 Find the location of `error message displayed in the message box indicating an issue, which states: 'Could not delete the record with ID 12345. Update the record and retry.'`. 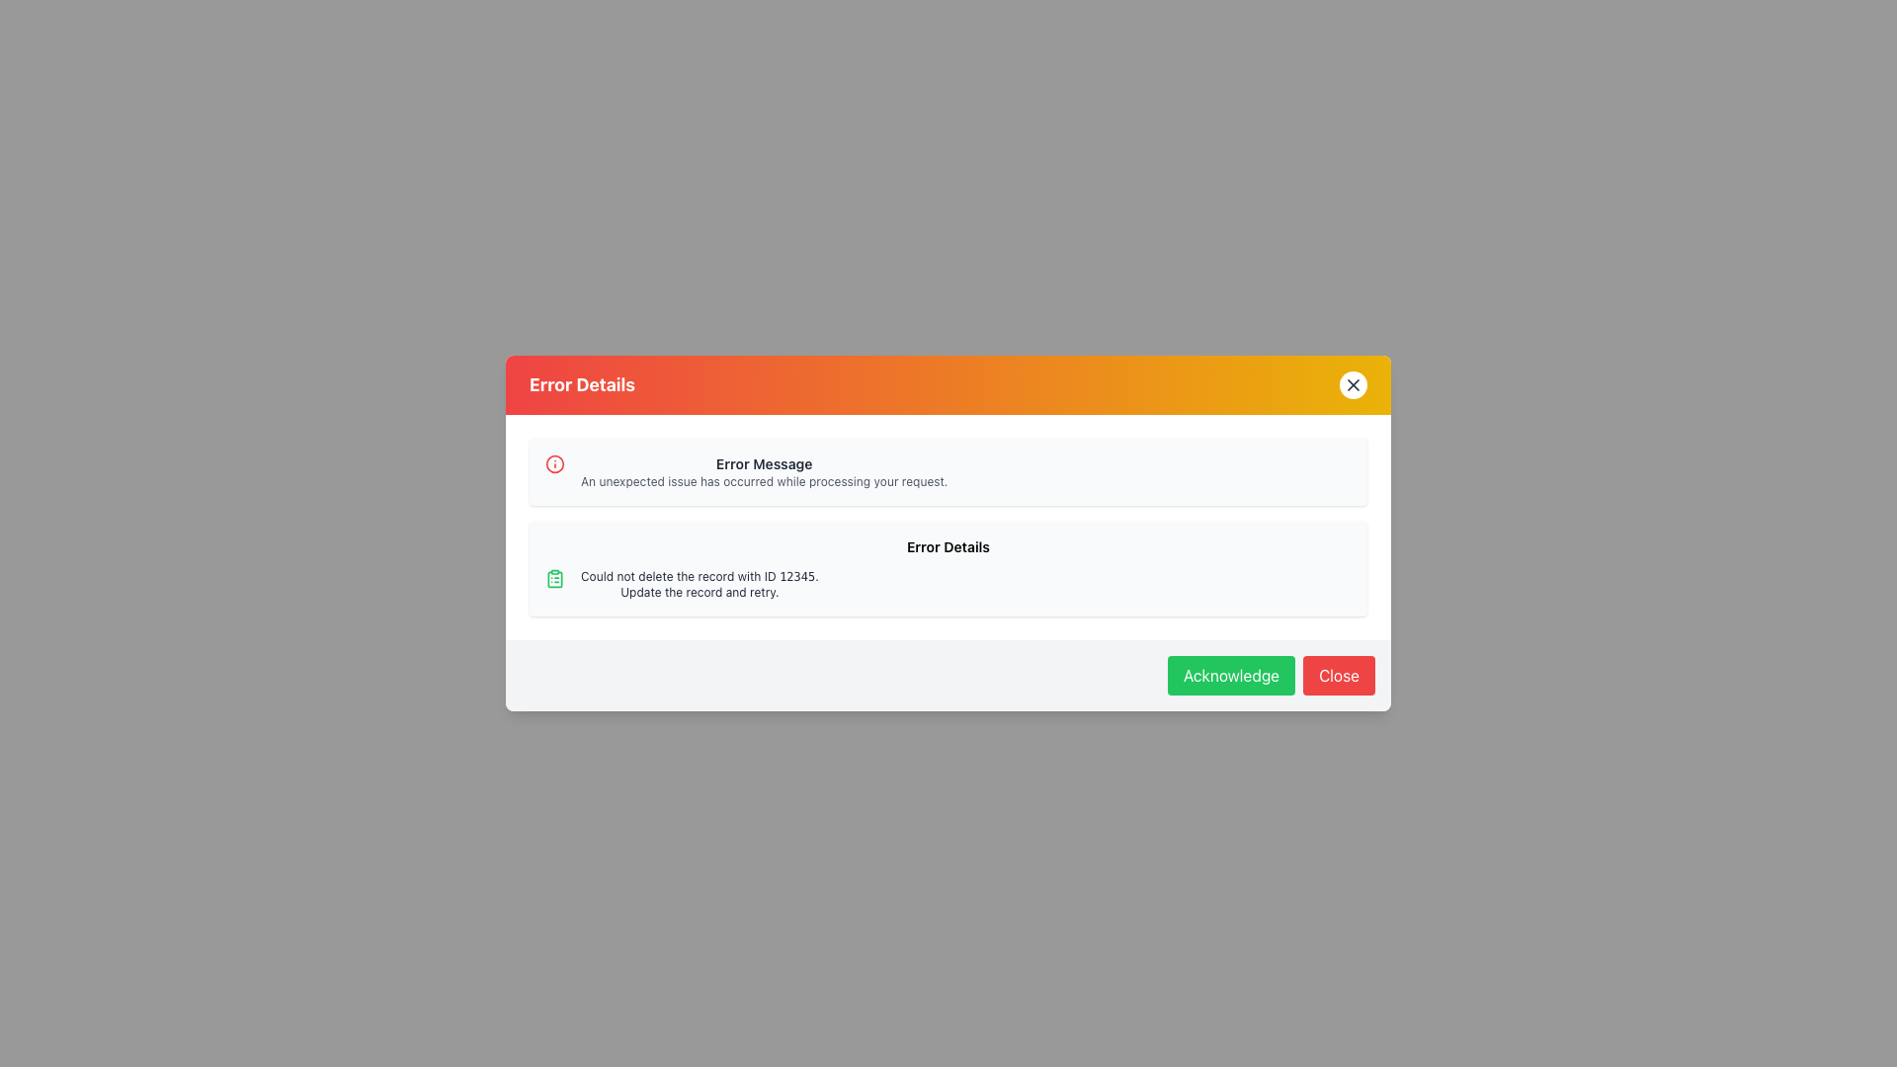

error message displayed in the message box indicating an issue, which states: 'Could not delete the record with ID 12345. Update the record and retry.' is located at coordinates (948, 583).